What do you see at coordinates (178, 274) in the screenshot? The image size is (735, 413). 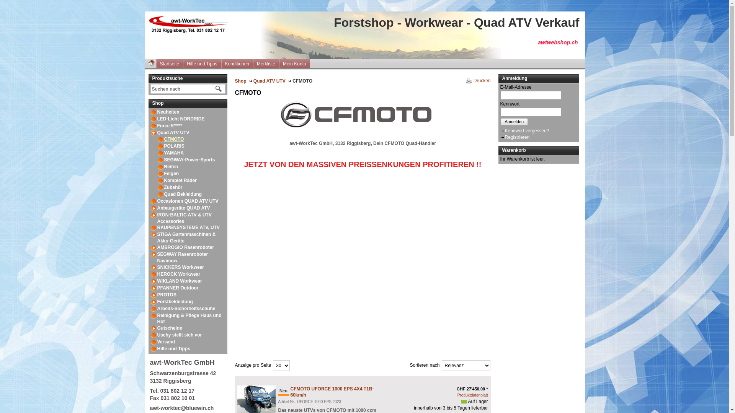 I see `'HEROCK Workwear'` at bounding box center [178, 274].